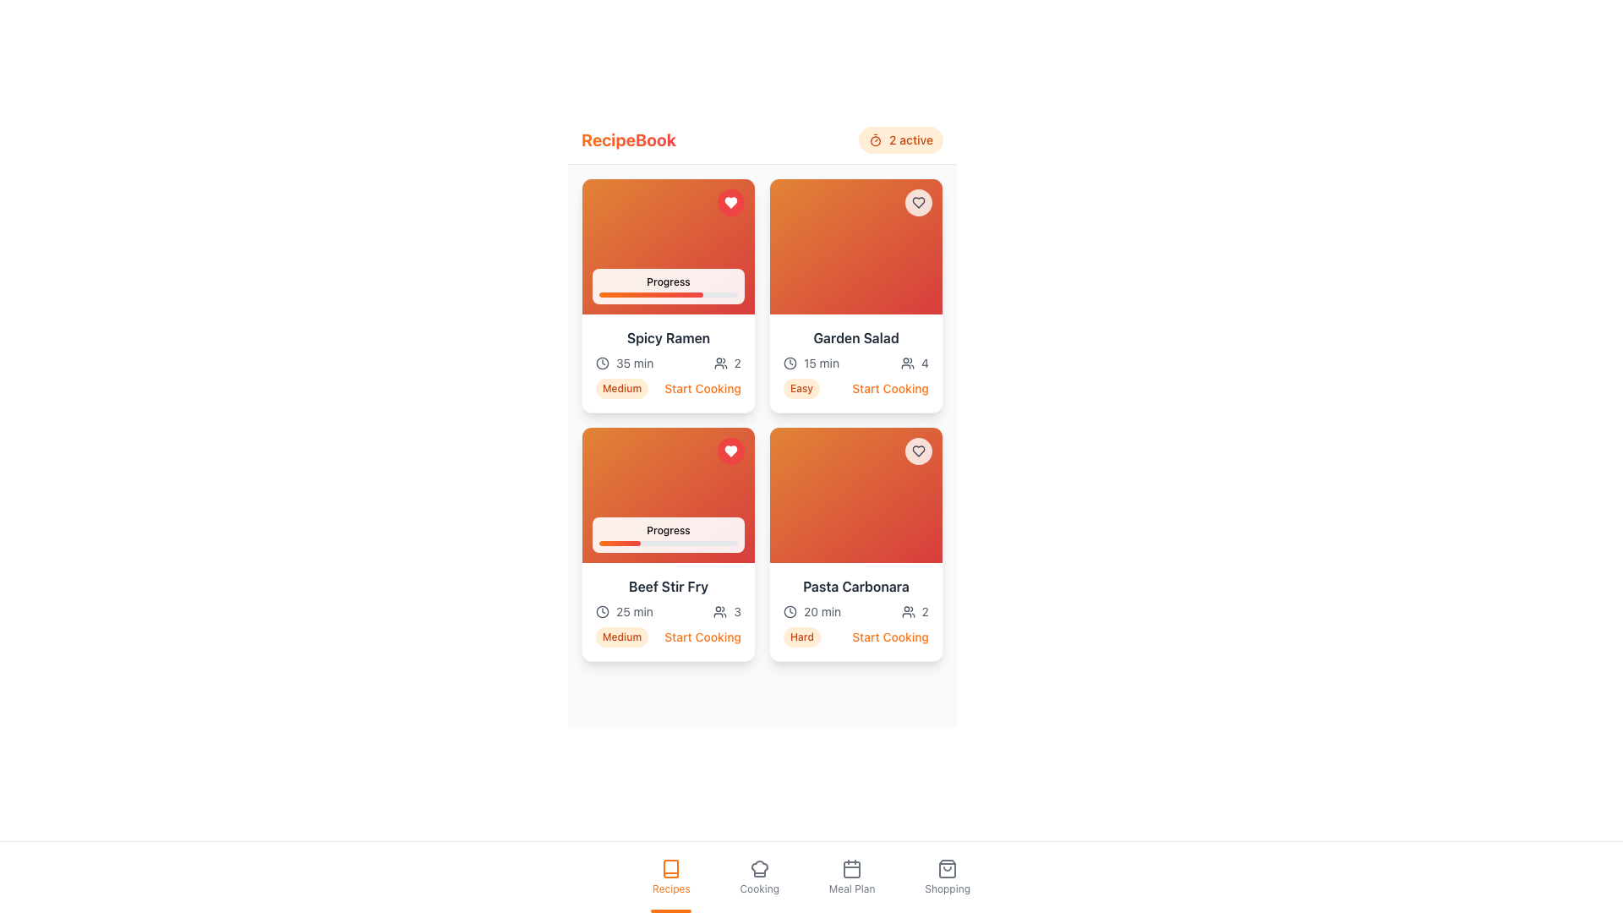 The image size is (1623, 913). I want to click on the decorative visual region within the fourth card of the grid structure, specifically the top section of the 'Pasta Carbonara' card, which features a gradient from orange to red and includes a heart-shaped icon in the top-right corner, so click(855, 495).